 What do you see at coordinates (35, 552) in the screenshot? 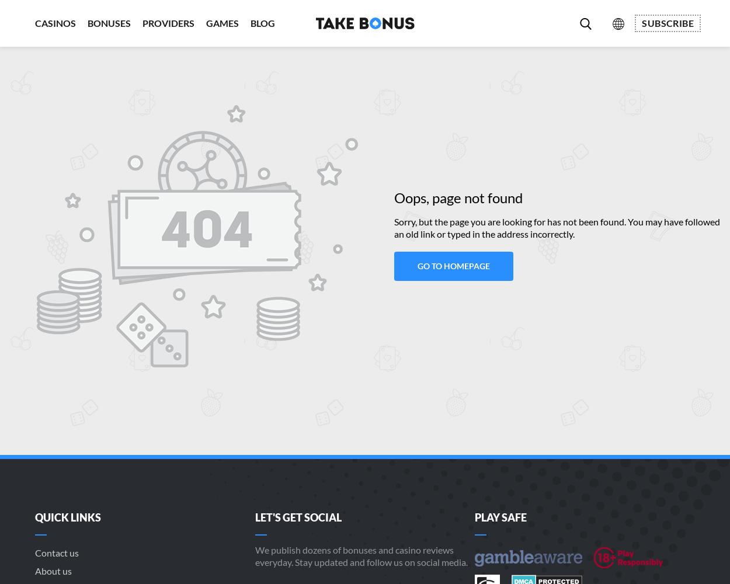
I see `'Contact us'` at bounding box center [35, 552].